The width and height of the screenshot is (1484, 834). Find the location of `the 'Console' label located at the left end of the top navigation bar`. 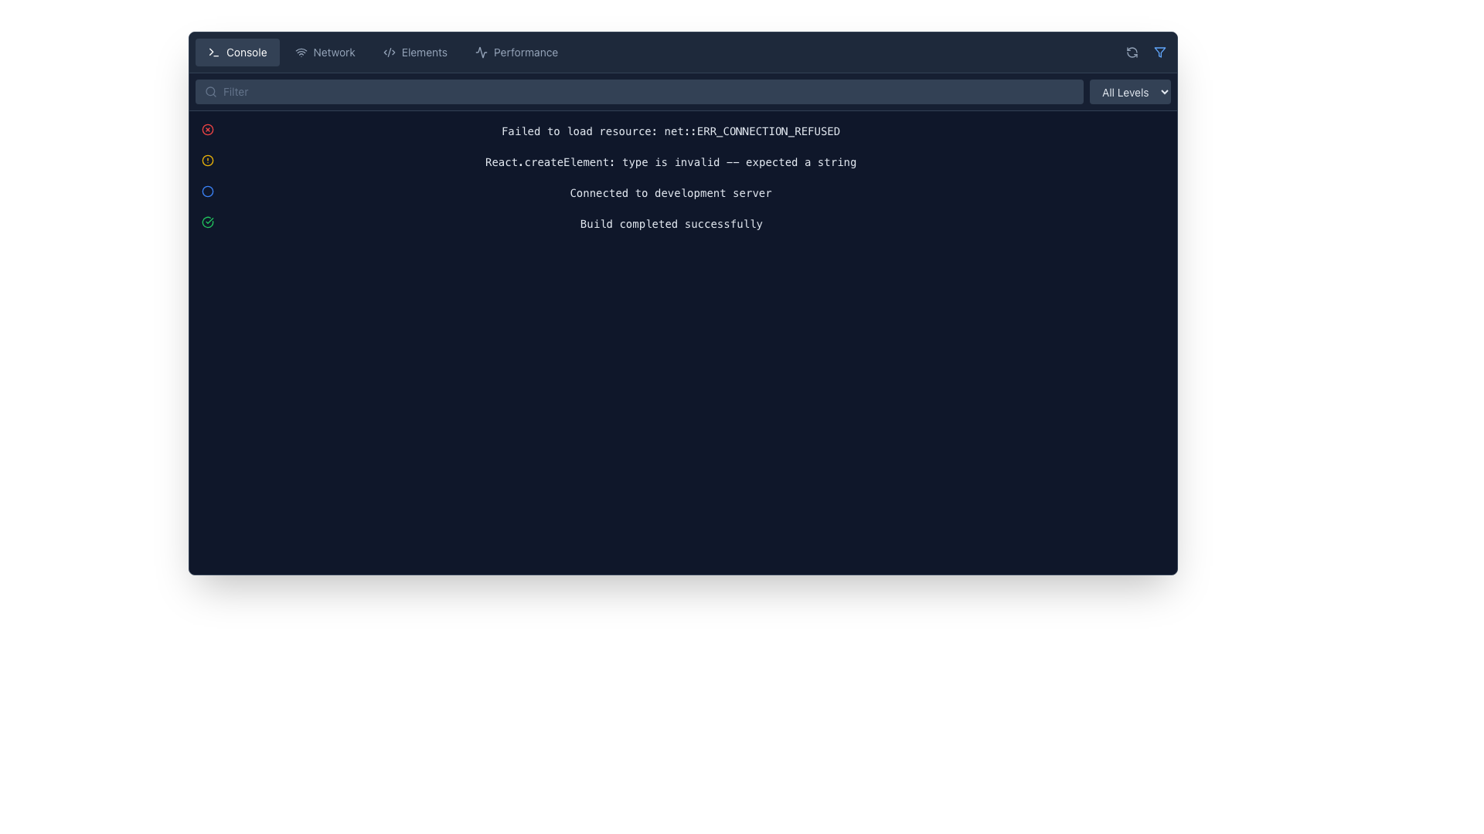

the 'Console' label located at the left end of the top navigation bar is located at coordinates (246, 52).